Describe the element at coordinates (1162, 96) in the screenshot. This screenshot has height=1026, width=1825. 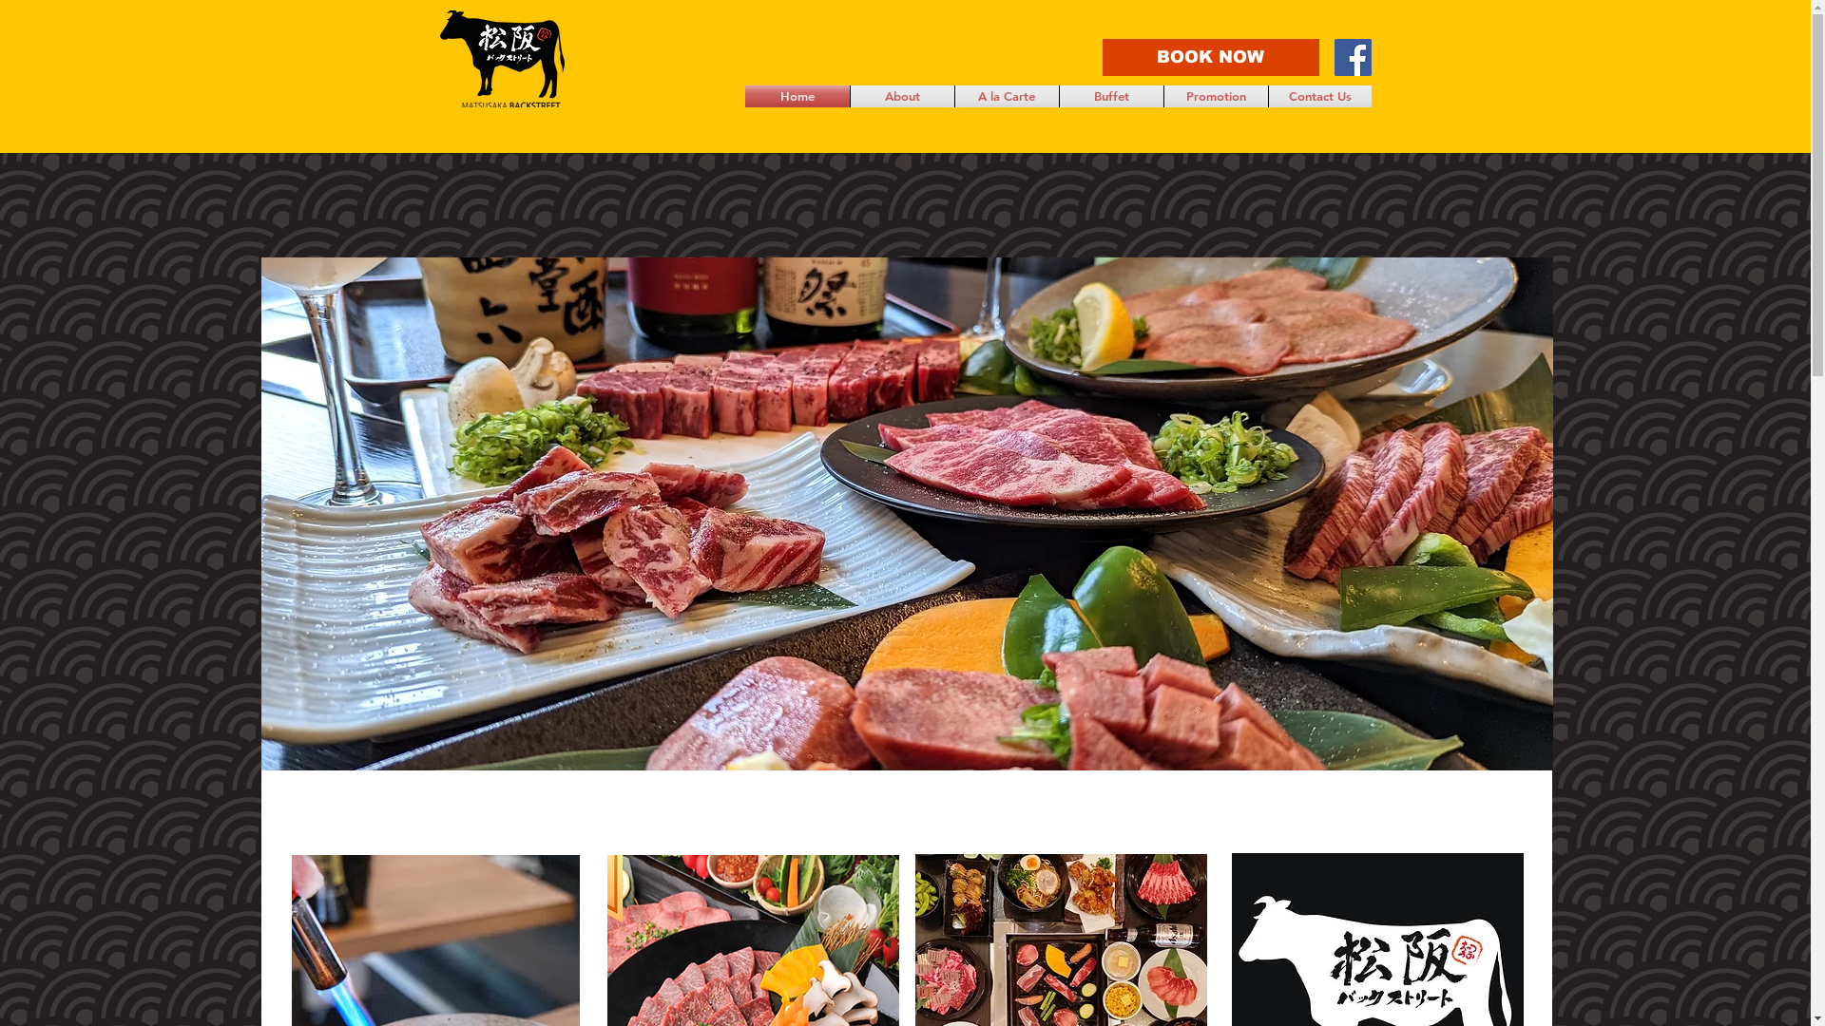
I see `'Promotion'` at that location.